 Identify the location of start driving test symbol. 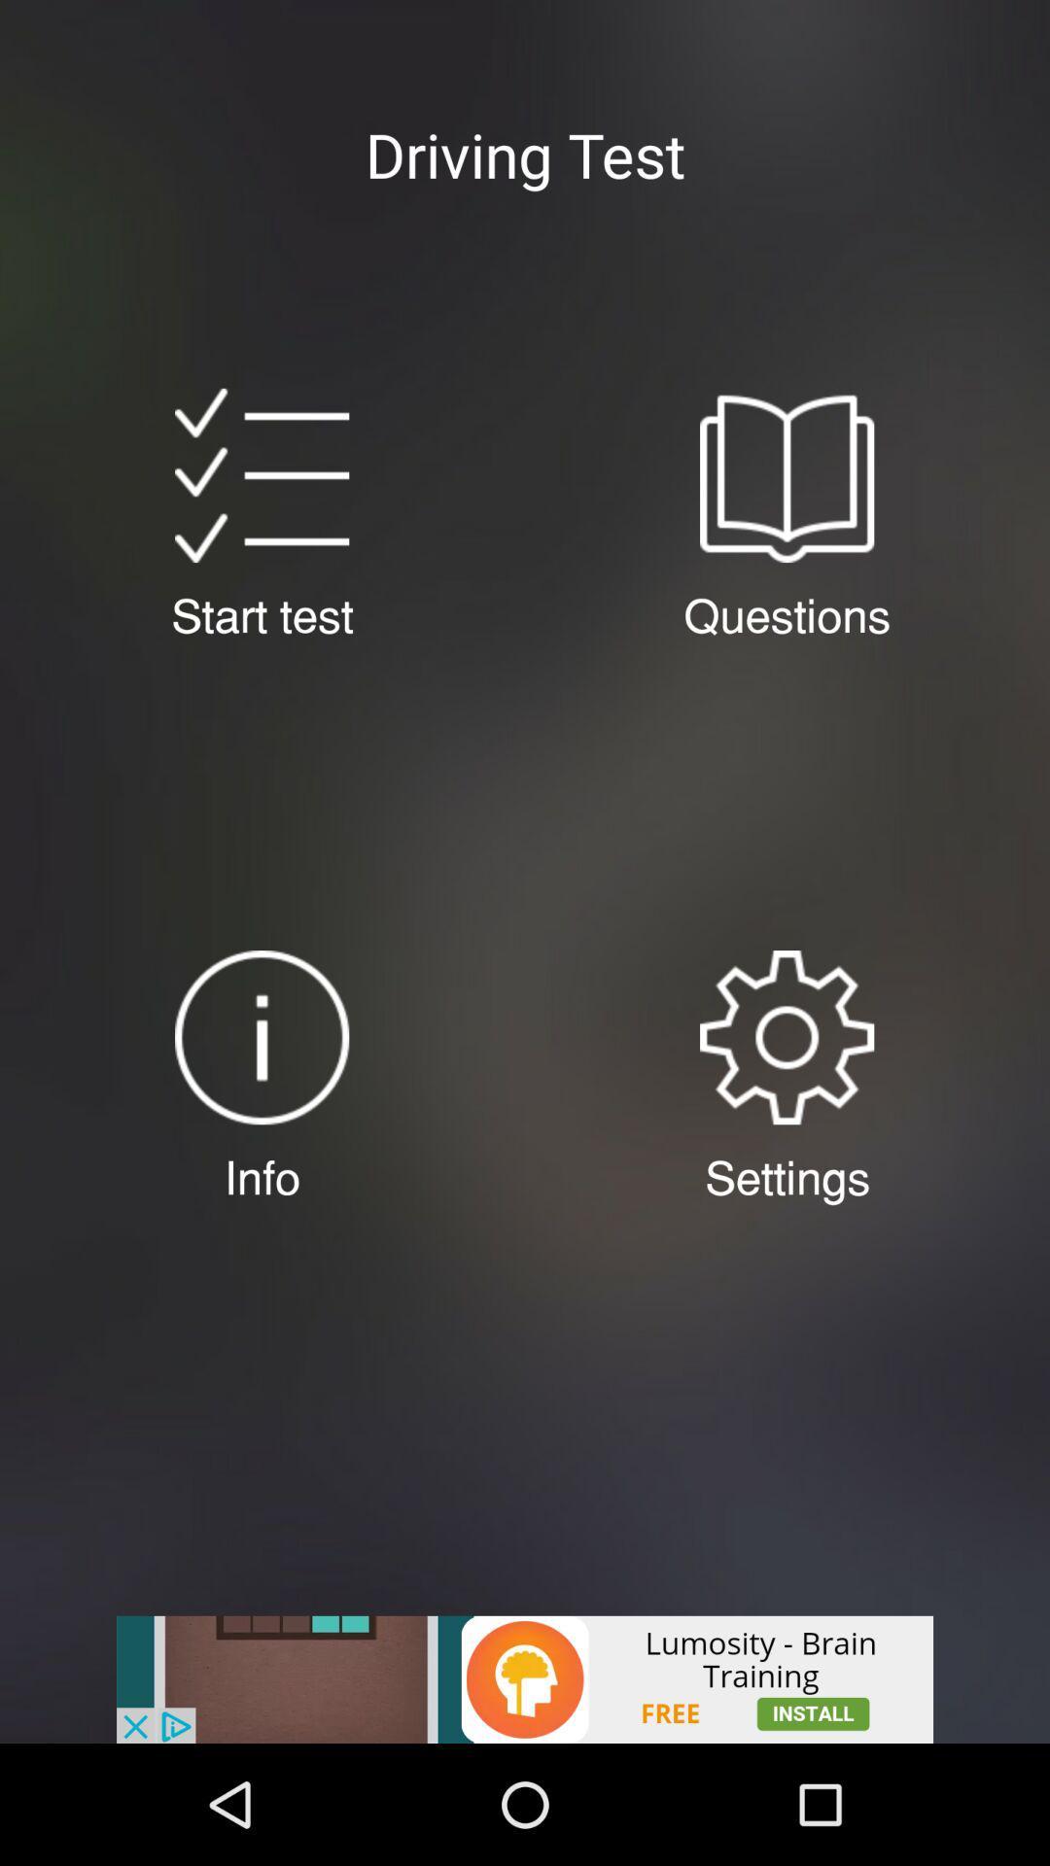
(261, 475).